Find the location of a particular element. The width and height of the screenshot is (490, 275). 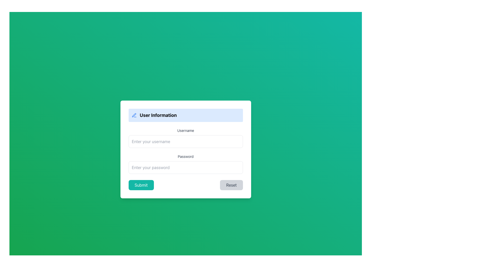

the label element that serves as a description for the adjacent password input field, located in the central area of the form above the password input field is located at coordinates (185, 156).